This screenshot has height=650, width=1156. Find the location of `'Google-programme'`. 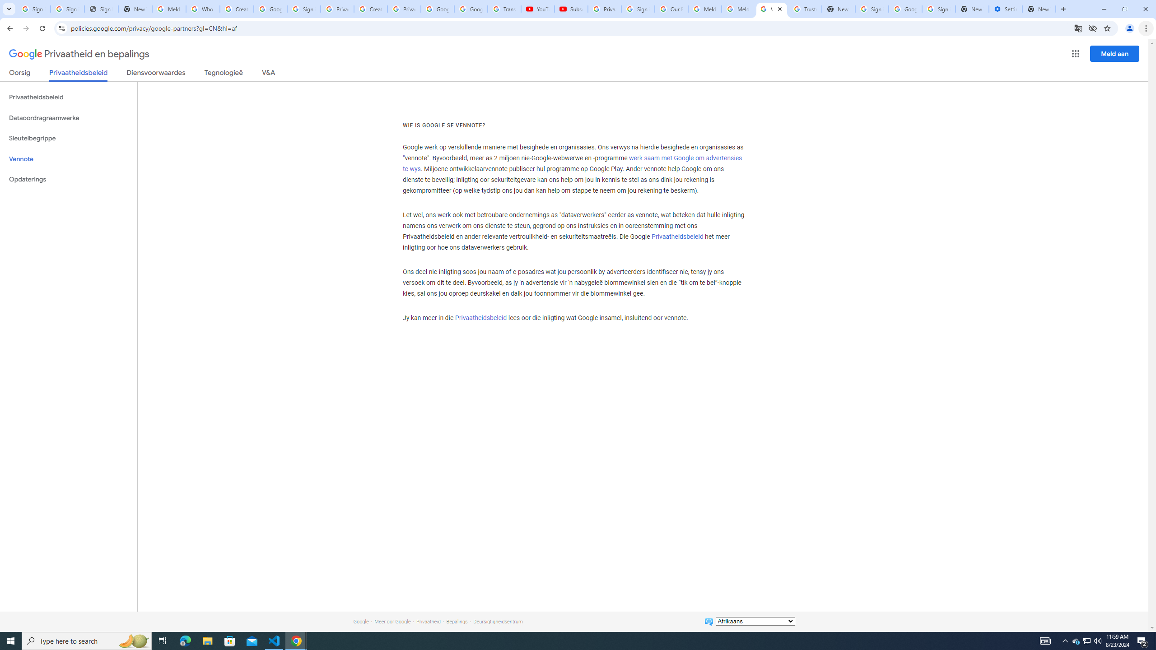

'Google-programme' is located at coordinates (1076, 53).